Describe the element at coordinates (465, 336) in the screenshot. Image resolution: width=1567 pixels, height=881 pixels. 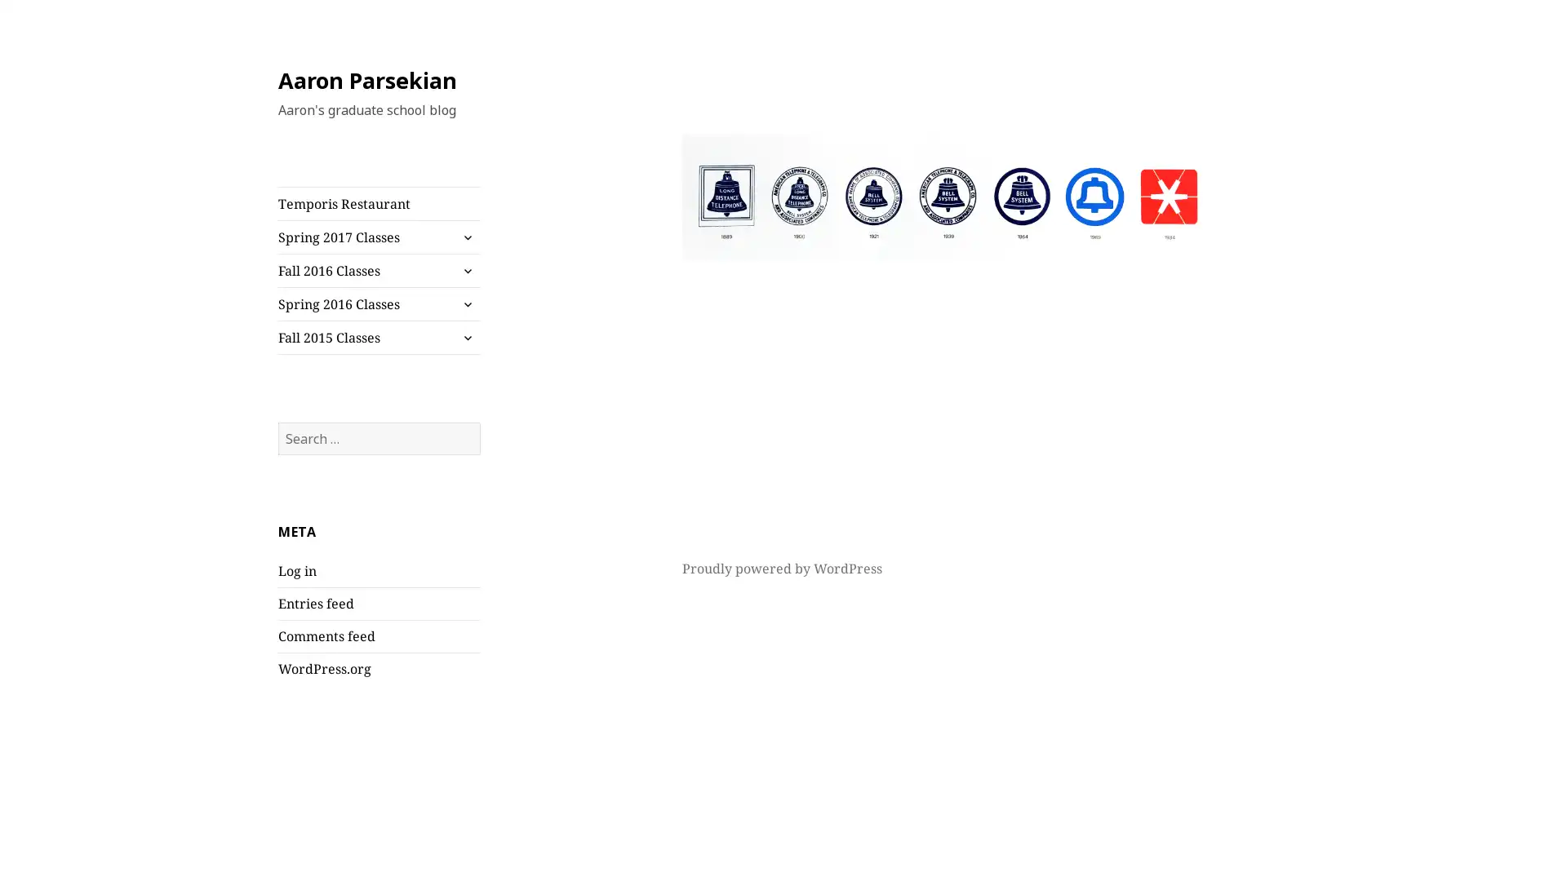
I see `expand child menu` at that location.